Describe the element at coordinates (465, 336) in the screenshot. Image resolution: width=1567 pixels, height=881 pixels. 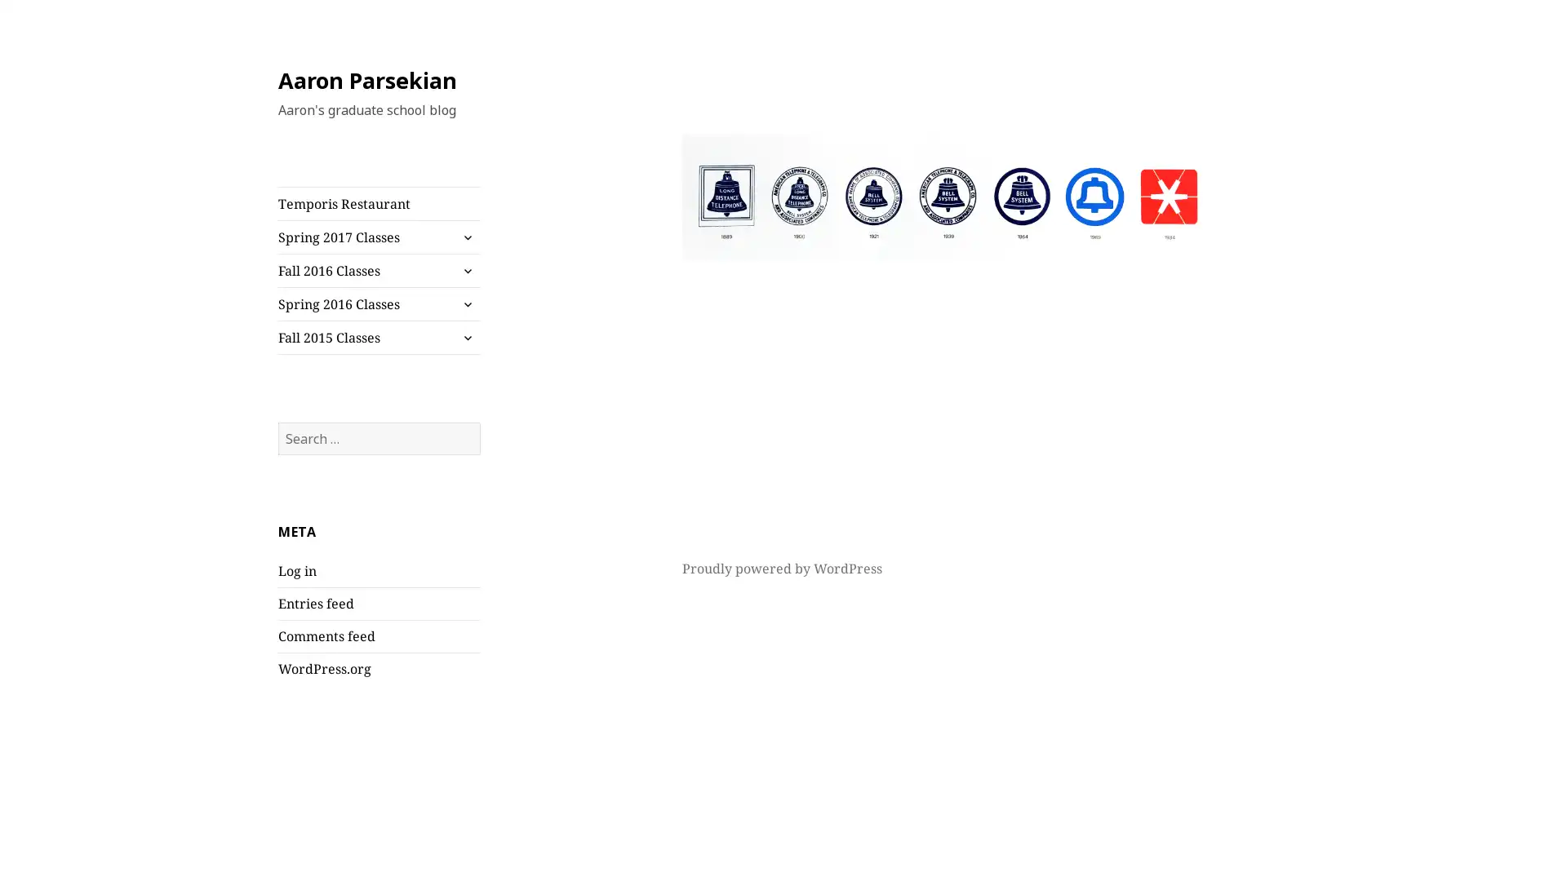
I see `expand child menu` at that location.